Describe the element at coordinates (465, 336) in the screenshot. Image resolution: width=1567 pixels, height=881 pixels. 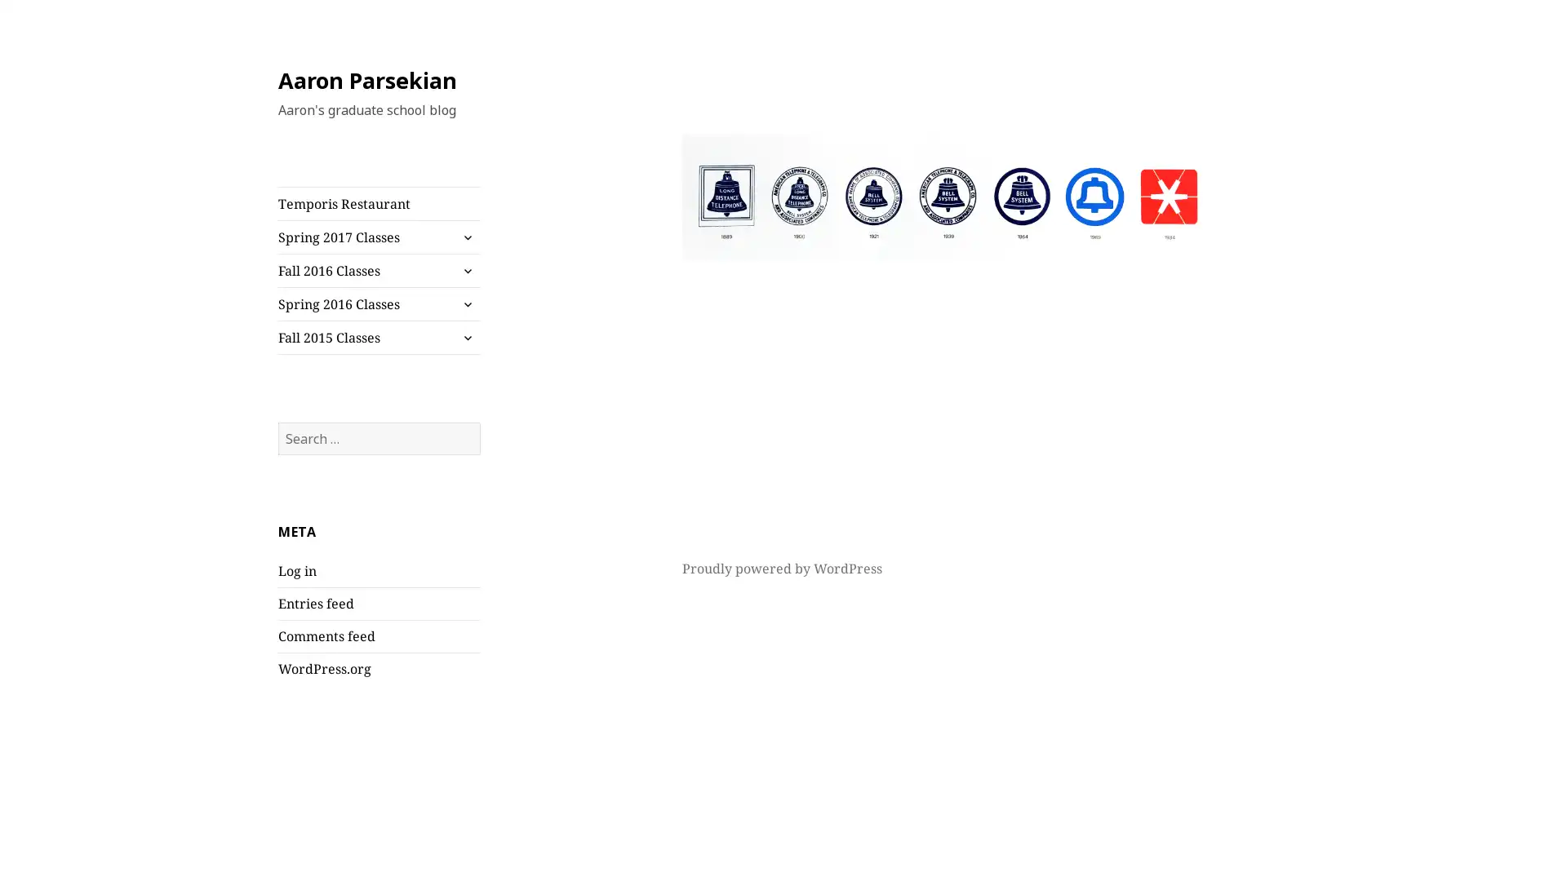
I see `expand child menu` at that location.